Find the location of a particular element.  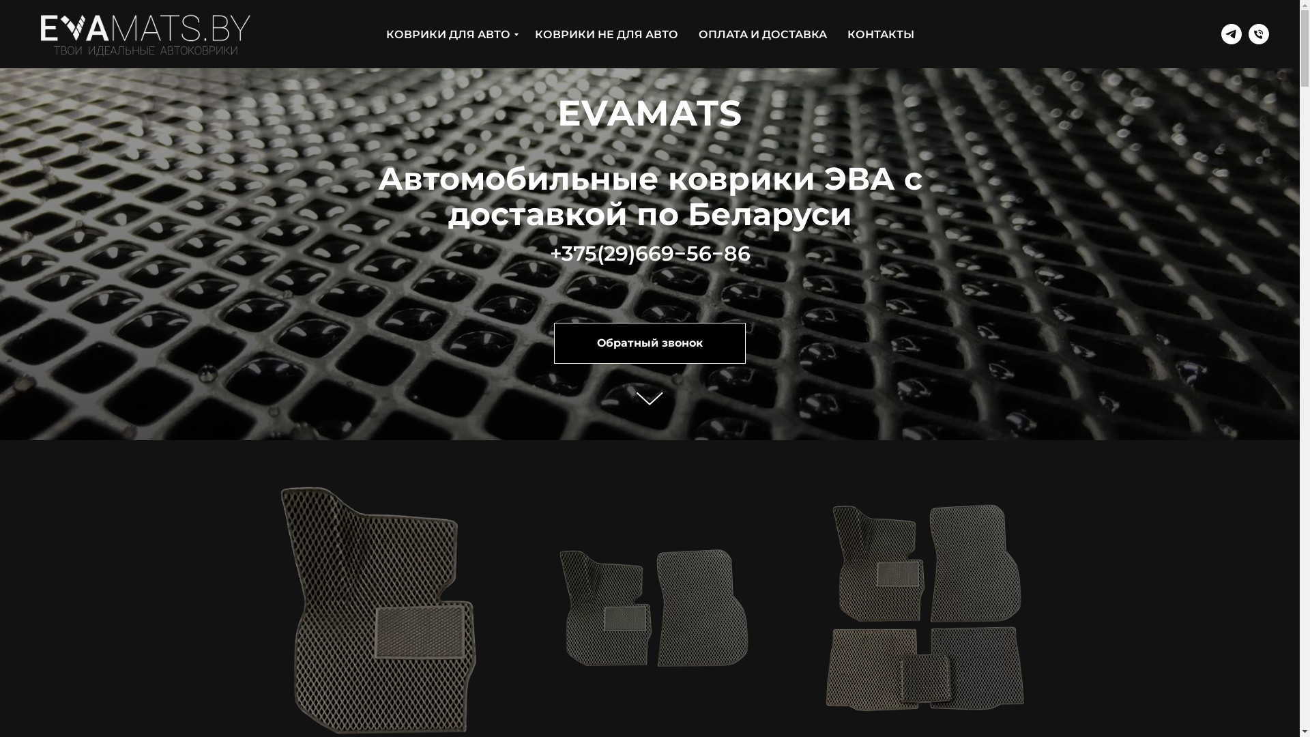

'Telegram' is located at coordinates (1231, 33).